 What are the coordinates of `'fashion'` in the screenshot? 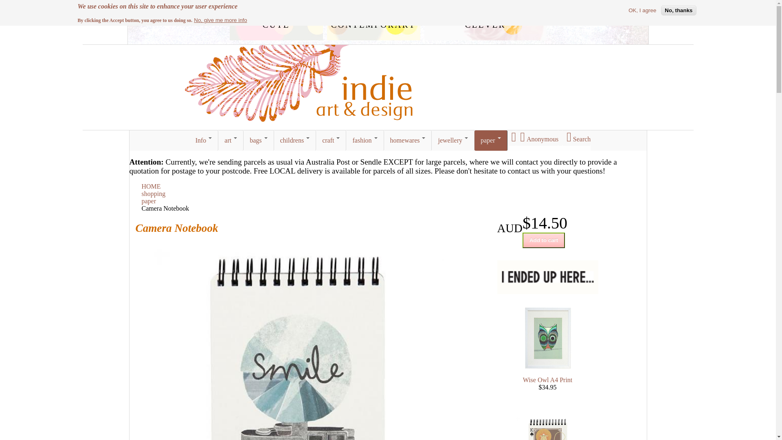 It's located at (365, 140).